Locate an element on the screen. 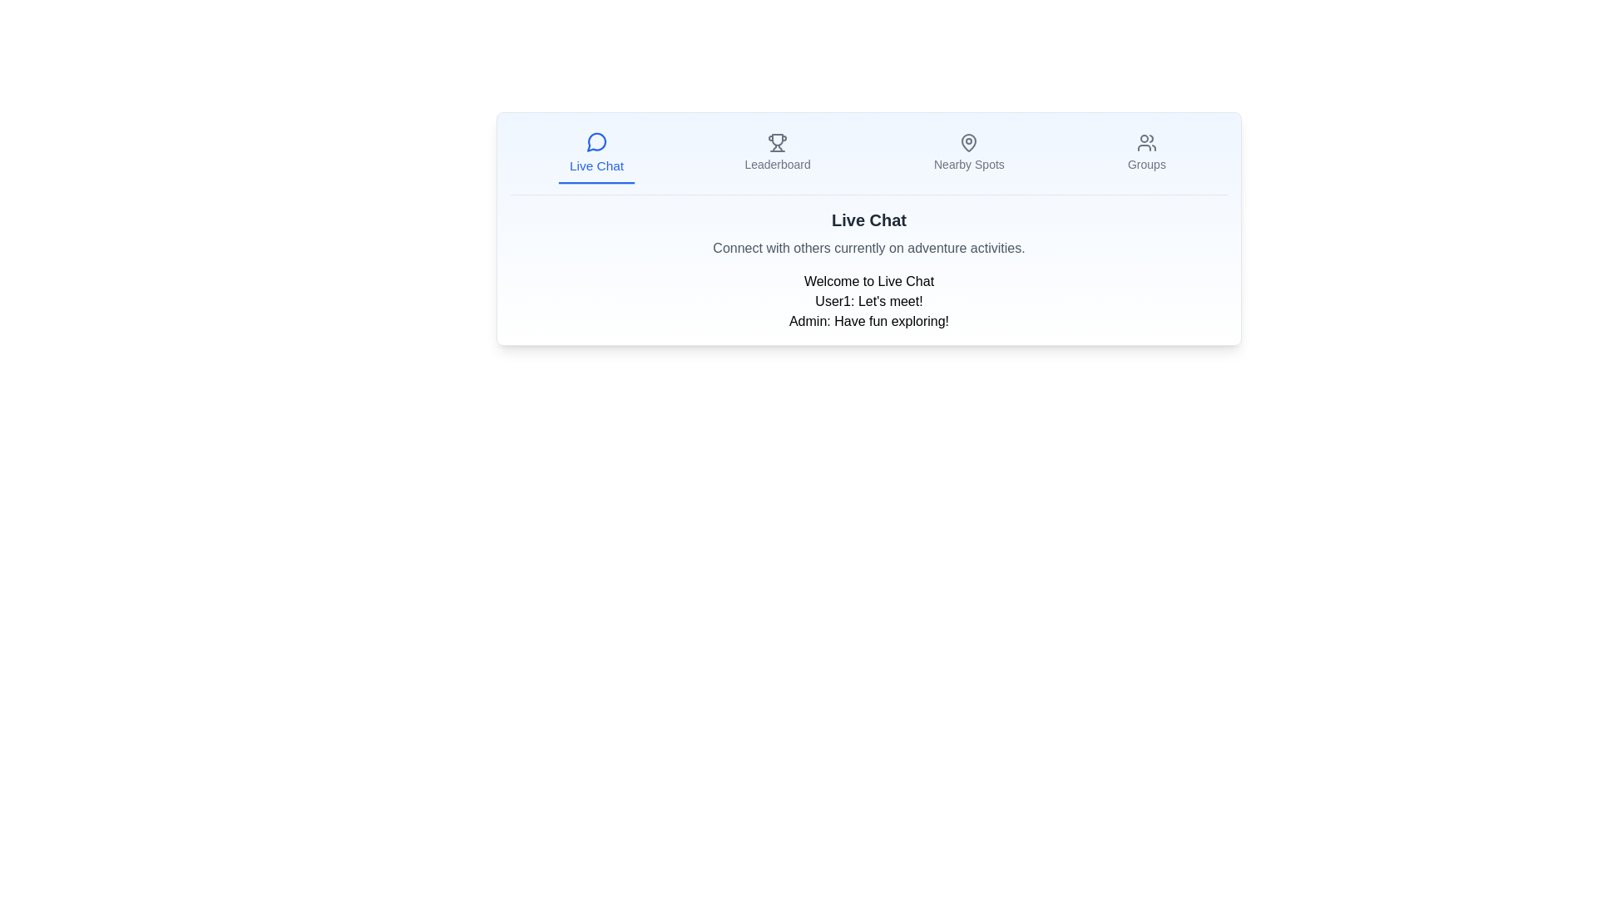 The height and width of the screenshot is (898, 1597). static text label for 'Leaderboard' located in the navigation bar, positioned between 'Live Chat' and 'Nearby Spots', directly beneath a trophy icon is located at coordinates (777, 164).